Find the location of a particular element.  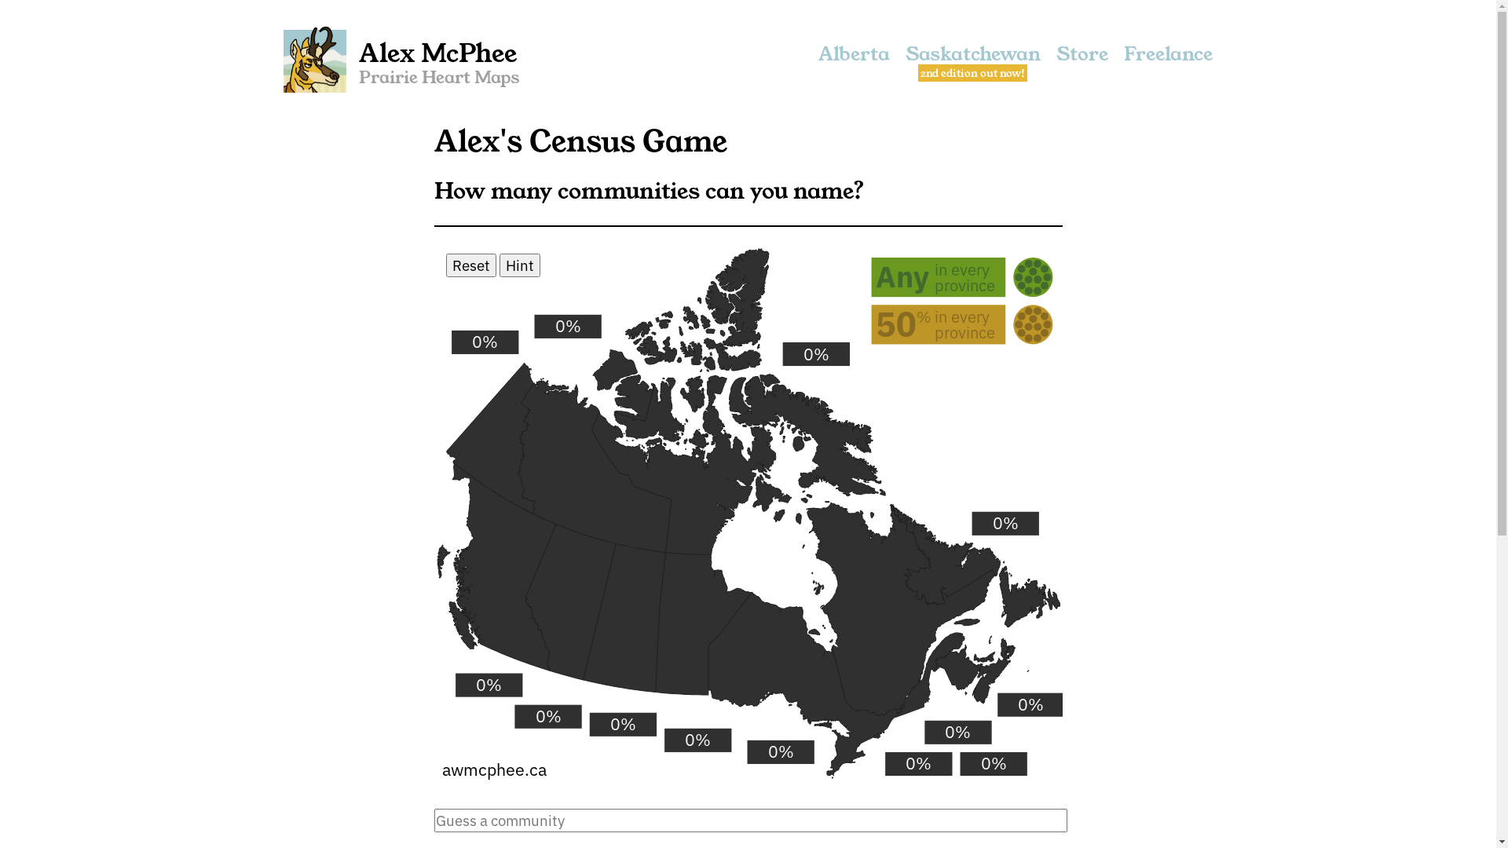

'Alex McPhee is located at coordinates (401, 60).